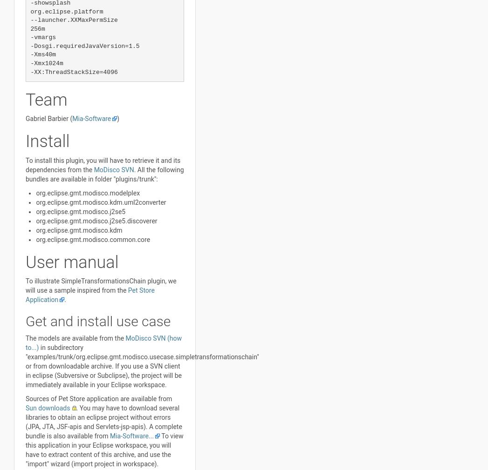  I want to click on '.
You may have to download several libraries to obtain an eclipse project without errors (JPA, JTA, JSF-apis and Servlets-jsp-apis).
A complete bundle is also available from', so click(103, 422).